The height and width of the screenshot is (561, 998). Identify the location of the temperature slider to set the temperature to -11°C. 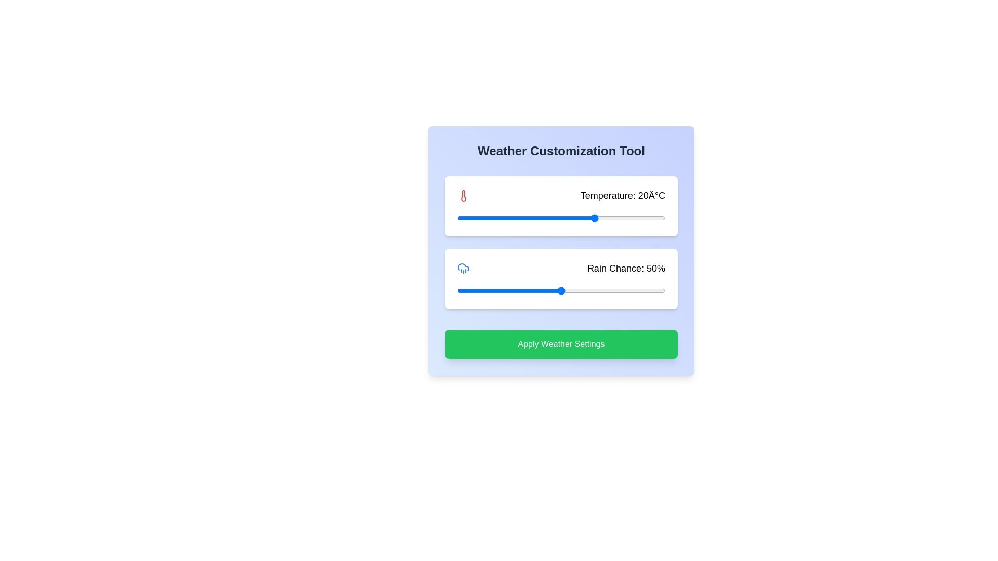
(488, 218).